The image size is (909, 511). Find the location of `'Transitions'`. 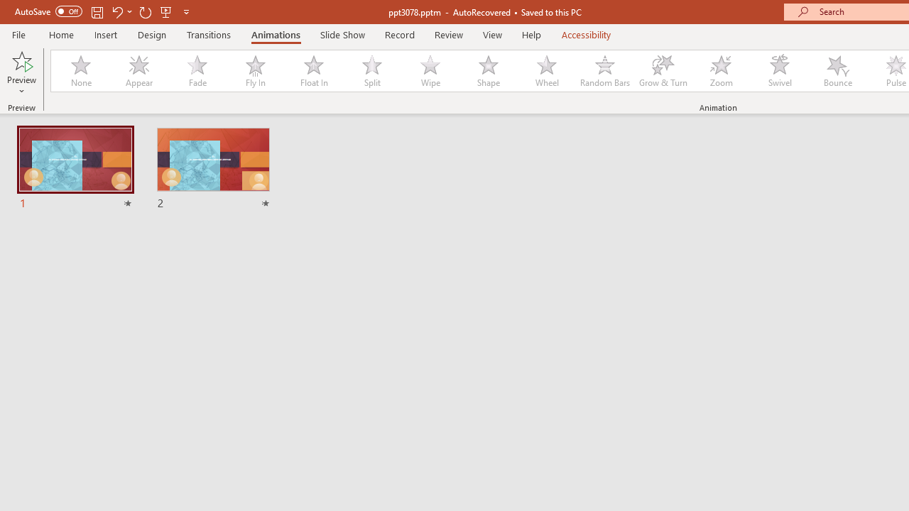

'Transitions' is located at coordinates (209, 34).